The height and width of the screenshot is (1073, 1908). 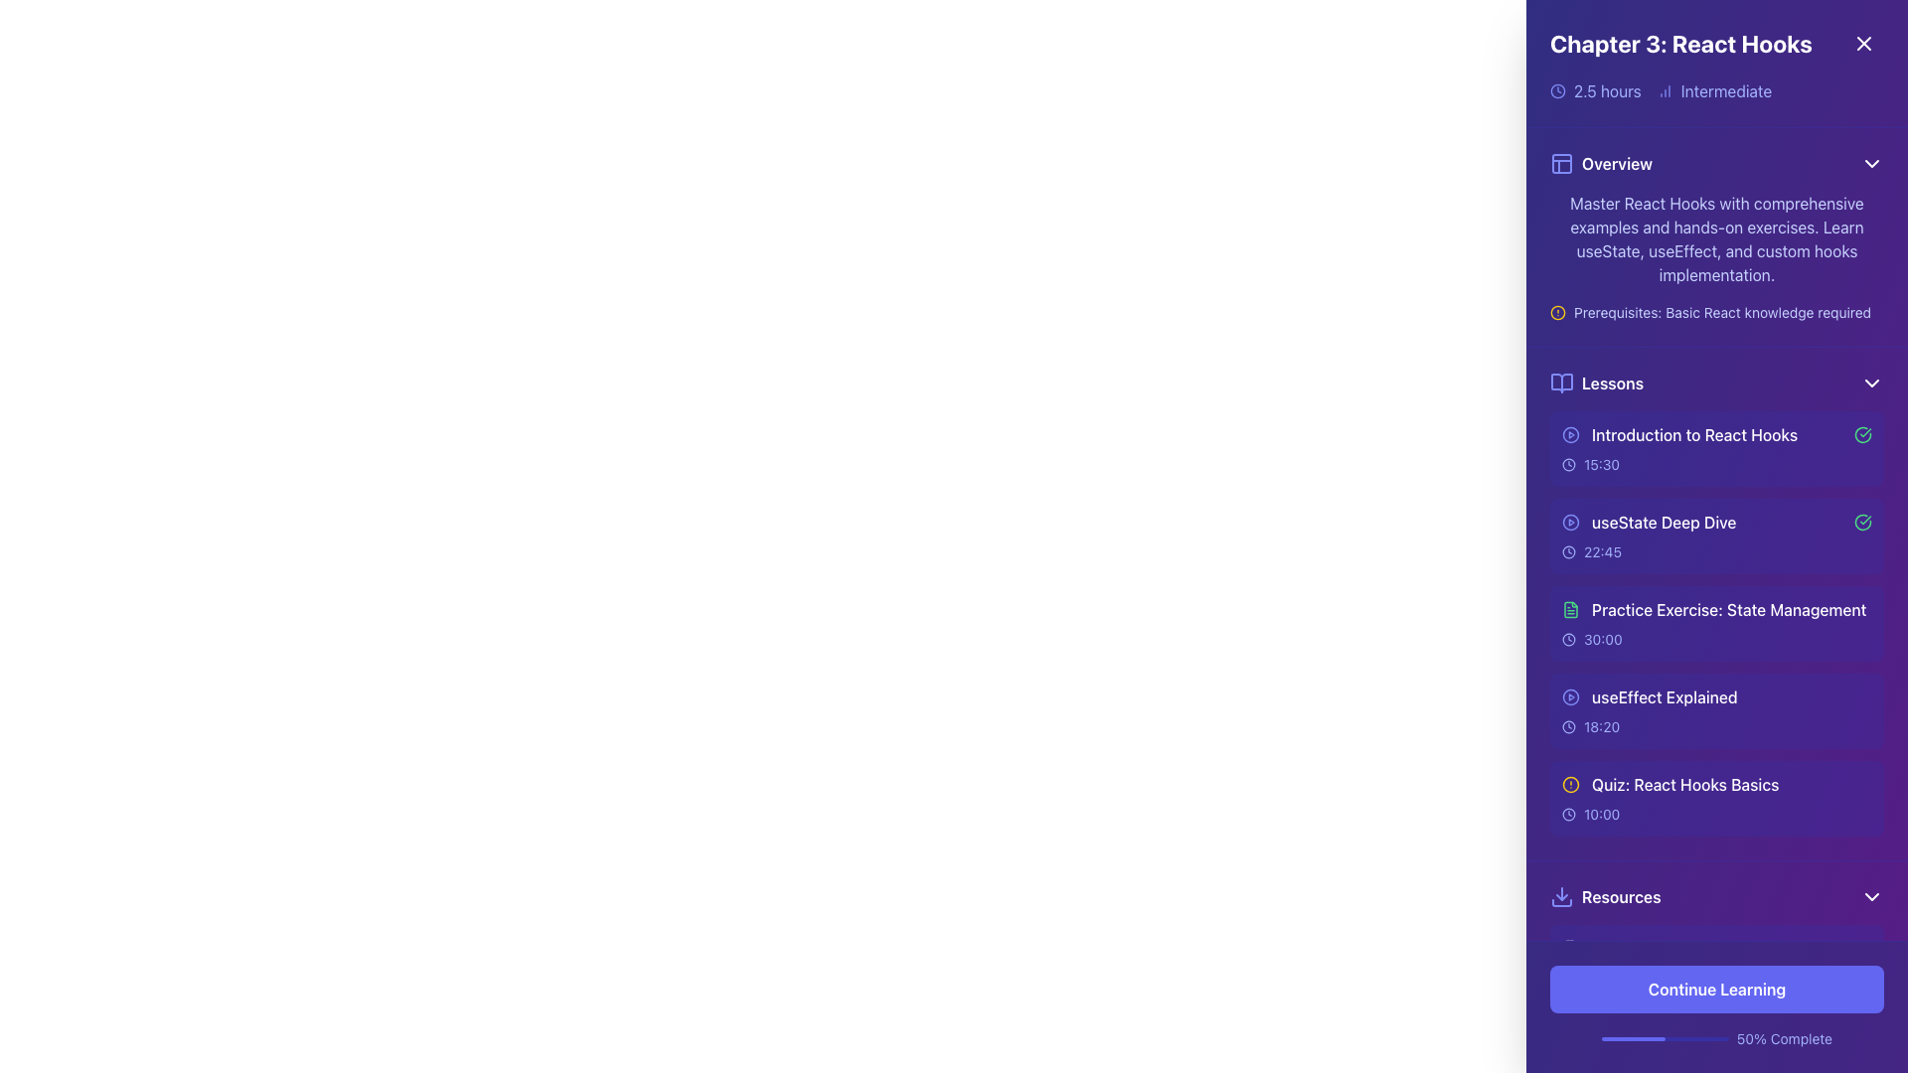 What do you see at coordinates (1716, 464) in the screenshot?
I see `the timestamp element displaying the duration of the lesson at the bottom-right corner of the 'Introduction to React Hooks' lesson card` at bounding box center [1716, 464].